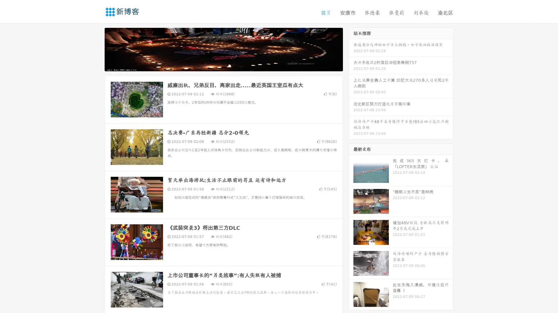 Image resolution: width=558 pixels, height=313 pixels. What do you see at coordinates (229, 65) in the screenshot?
I see `Go to slide 3` at bounding box center [229, 65].